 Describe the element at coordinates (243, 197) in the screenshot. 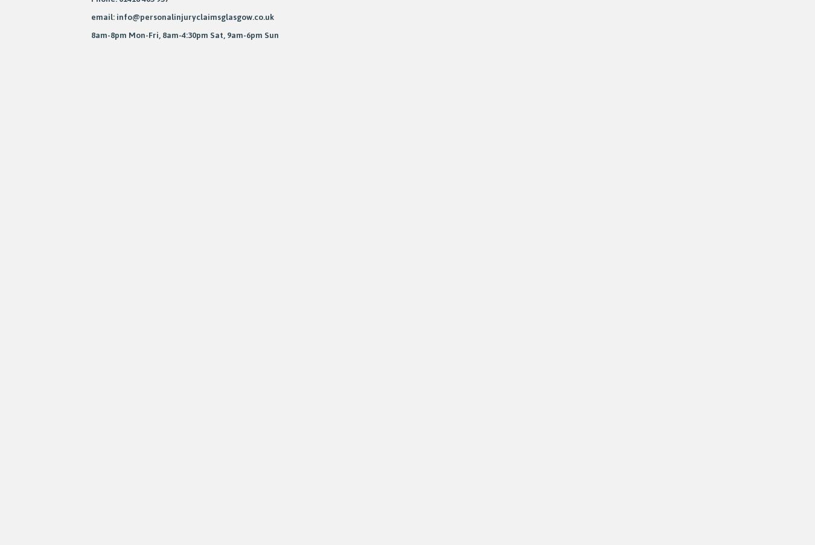

I see `'Bournemouth'` at that location.